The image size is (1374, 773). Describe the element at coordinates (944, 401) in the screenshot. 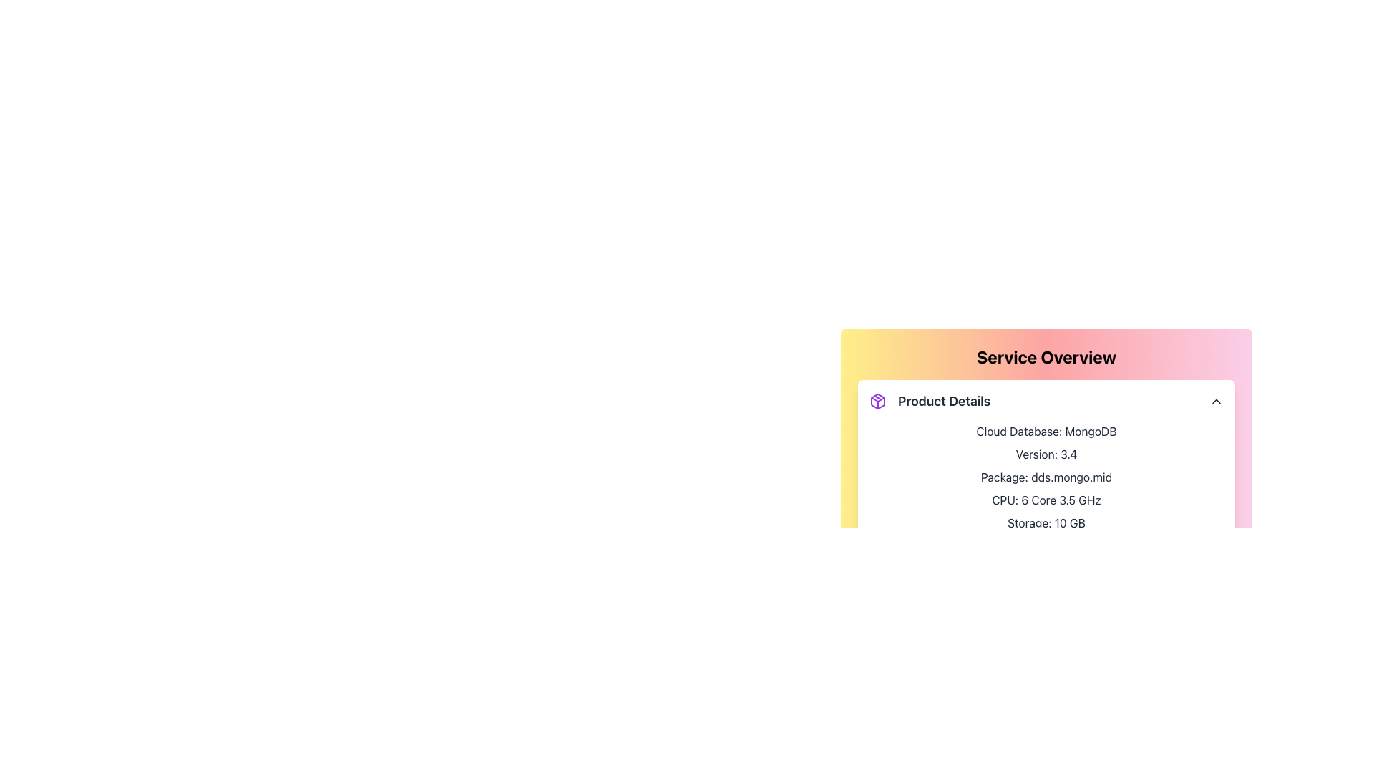

I see `the static text label that serves as a header for product specifications, located within the 'Service Overview' section, to the right of the package icon` at that location.